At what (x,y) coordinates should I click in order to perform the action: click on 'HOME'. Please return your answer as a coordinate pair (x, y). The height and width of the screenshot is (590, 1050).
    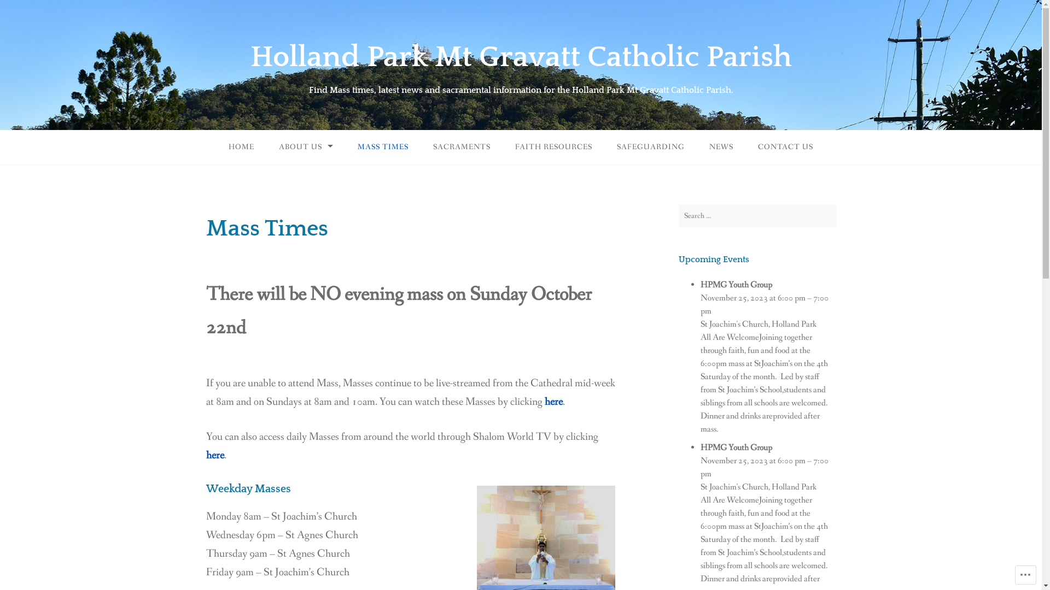
    Looking at the image, I should click on (241, 146).